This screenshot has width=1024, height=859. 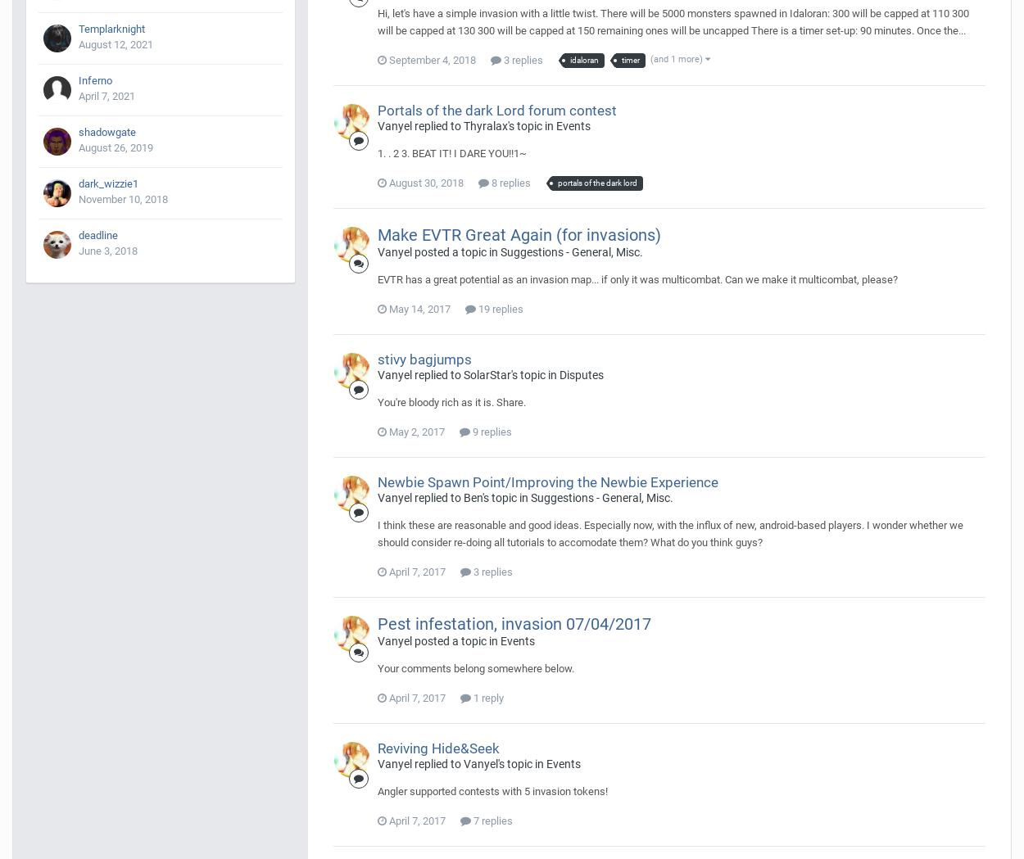 I want to click on 'May 14, 2017', so click(x=419, y=308).